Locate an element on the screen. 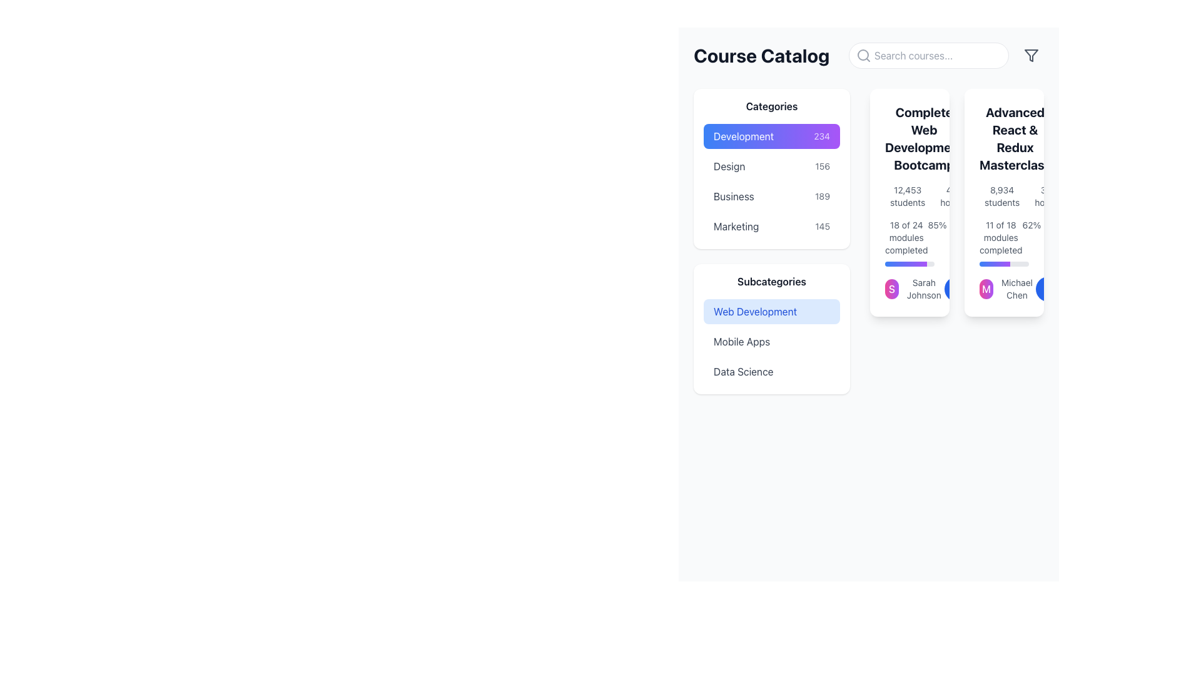  text value from the Text Label displaying '12,453 students', located below the course title in the card titled 'Complete Web Development Bootcamp' is located at coordinates (910, 196).